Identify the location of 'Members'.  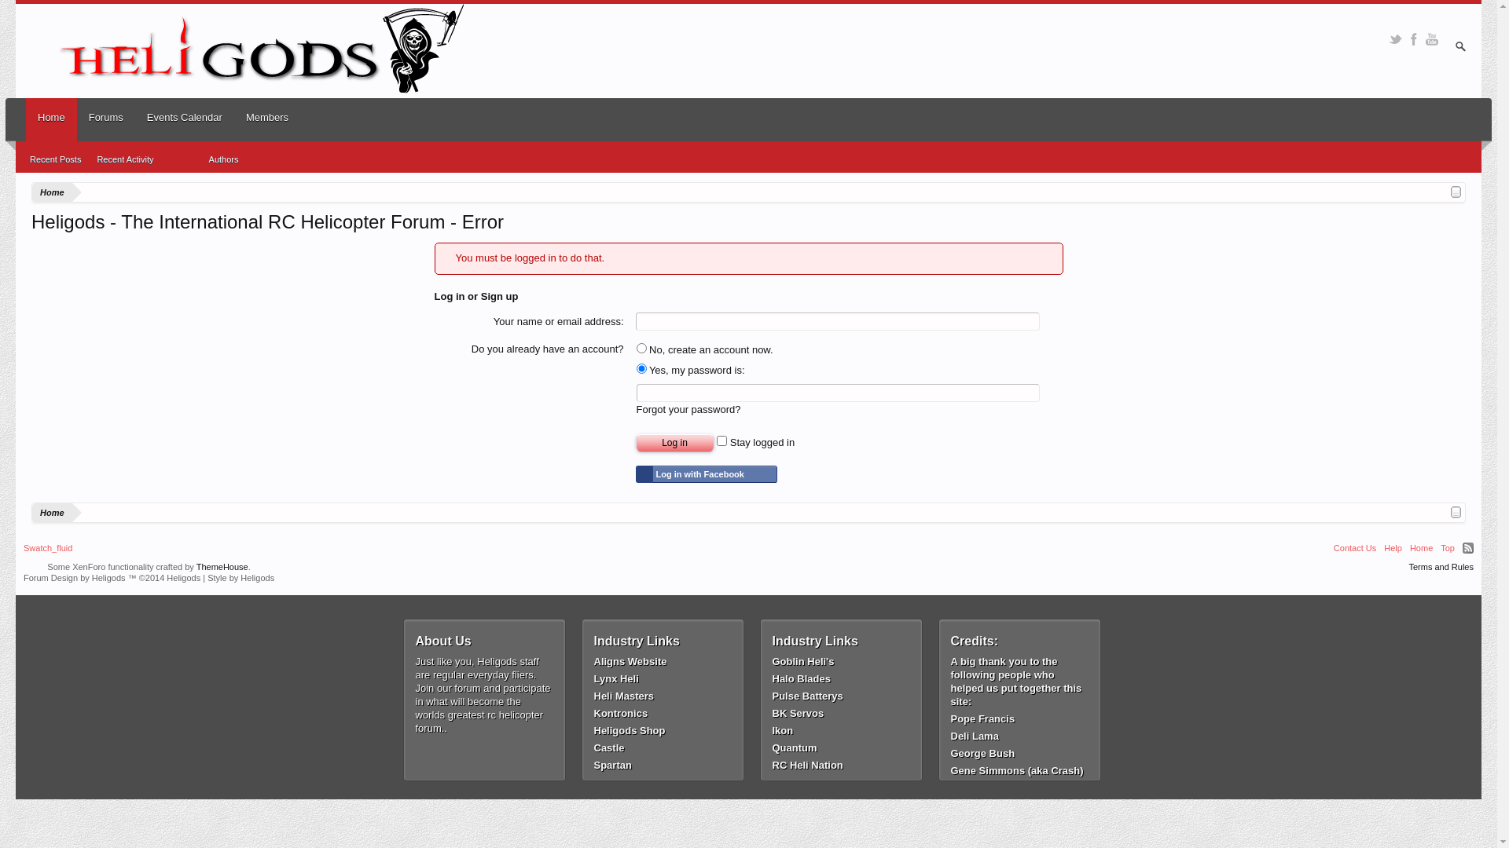
(267, 117).